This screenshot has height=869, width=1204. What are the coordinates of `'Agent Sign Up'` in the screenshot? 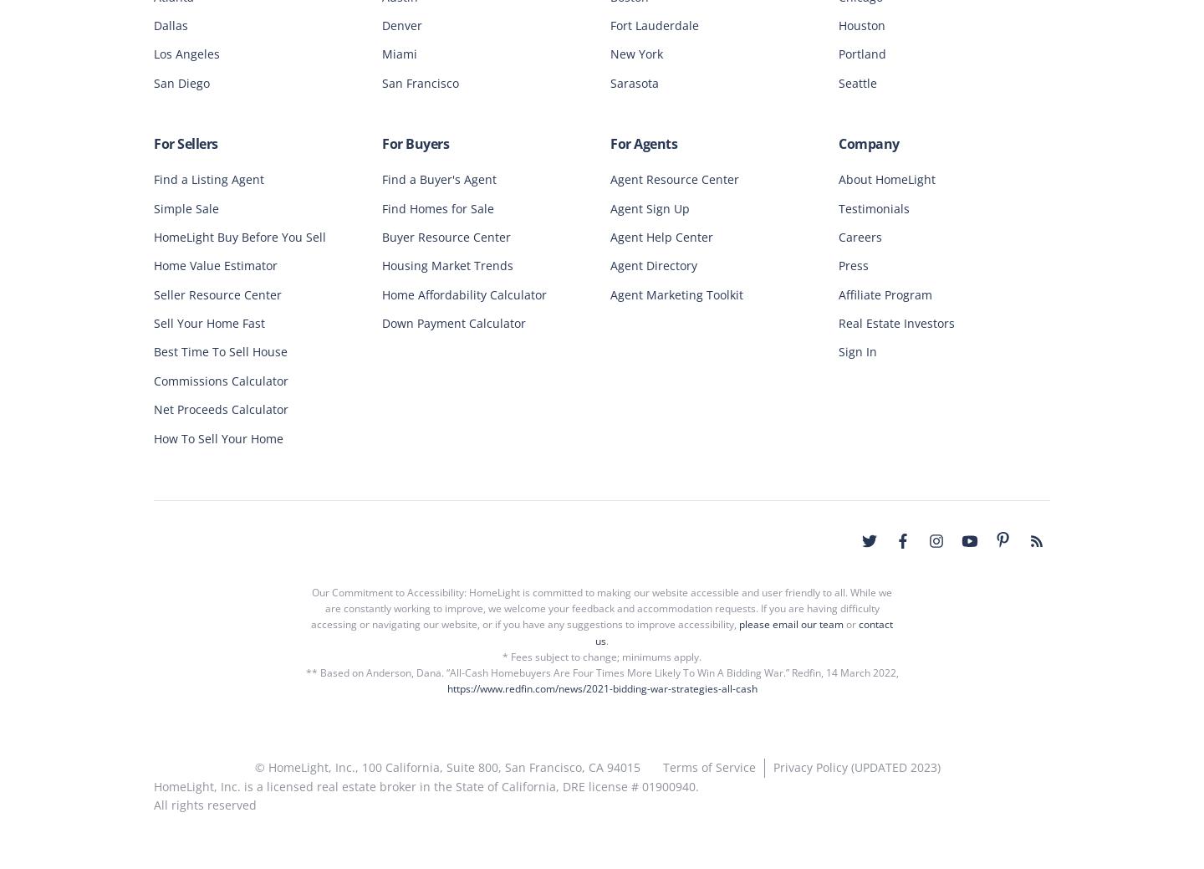 It's located at (649, 207).